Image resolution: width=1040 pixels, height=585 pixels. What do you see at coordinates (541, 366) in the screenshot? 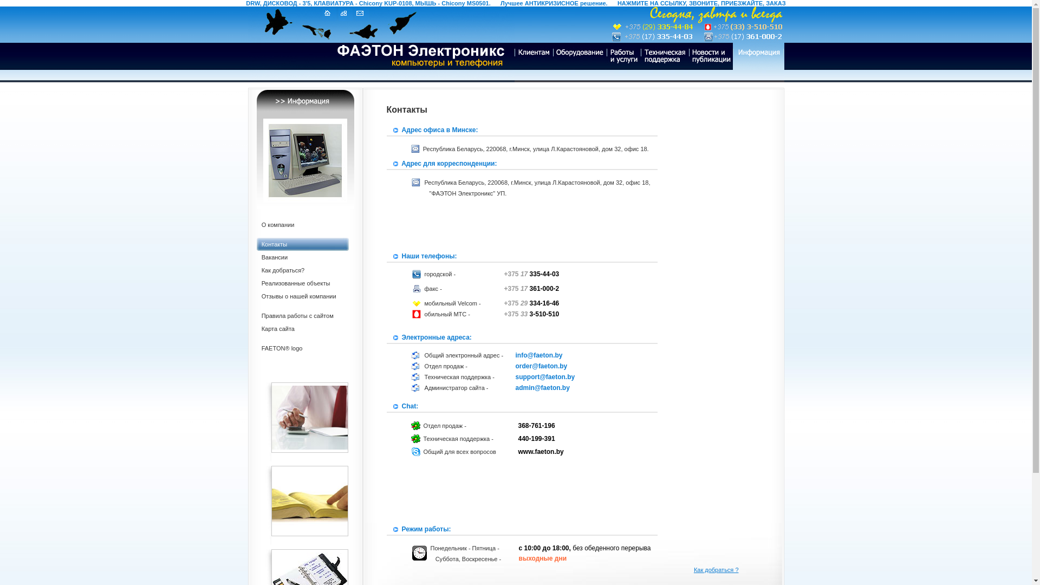
I see `'order@faeton.by'` at bounding box center [541, 366].